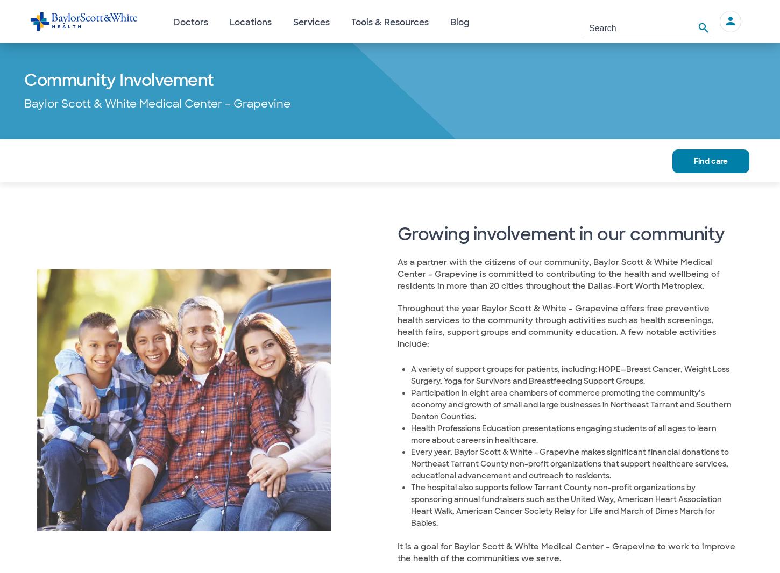 This screenshot has height=573, width=780. Describe the element at coordinates (558, 274) in the screenshot. I see `'As a partner with the citizens of our community, Baylor Scott & White Medical Center – Grapevine is committed to contributing to the health and wellbeing of residents in more than 20 cities throughout the Dallas-Fort Worth Metroplex.'` at that location.